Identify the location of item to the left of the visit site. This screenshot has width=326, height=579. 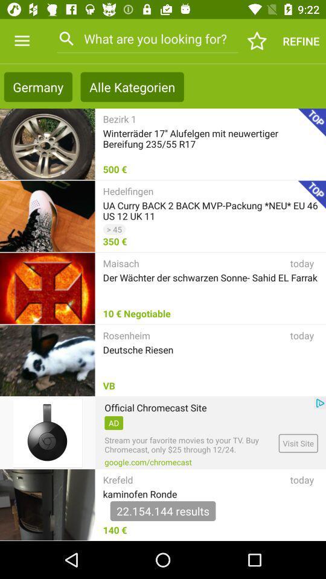
(190, 444).